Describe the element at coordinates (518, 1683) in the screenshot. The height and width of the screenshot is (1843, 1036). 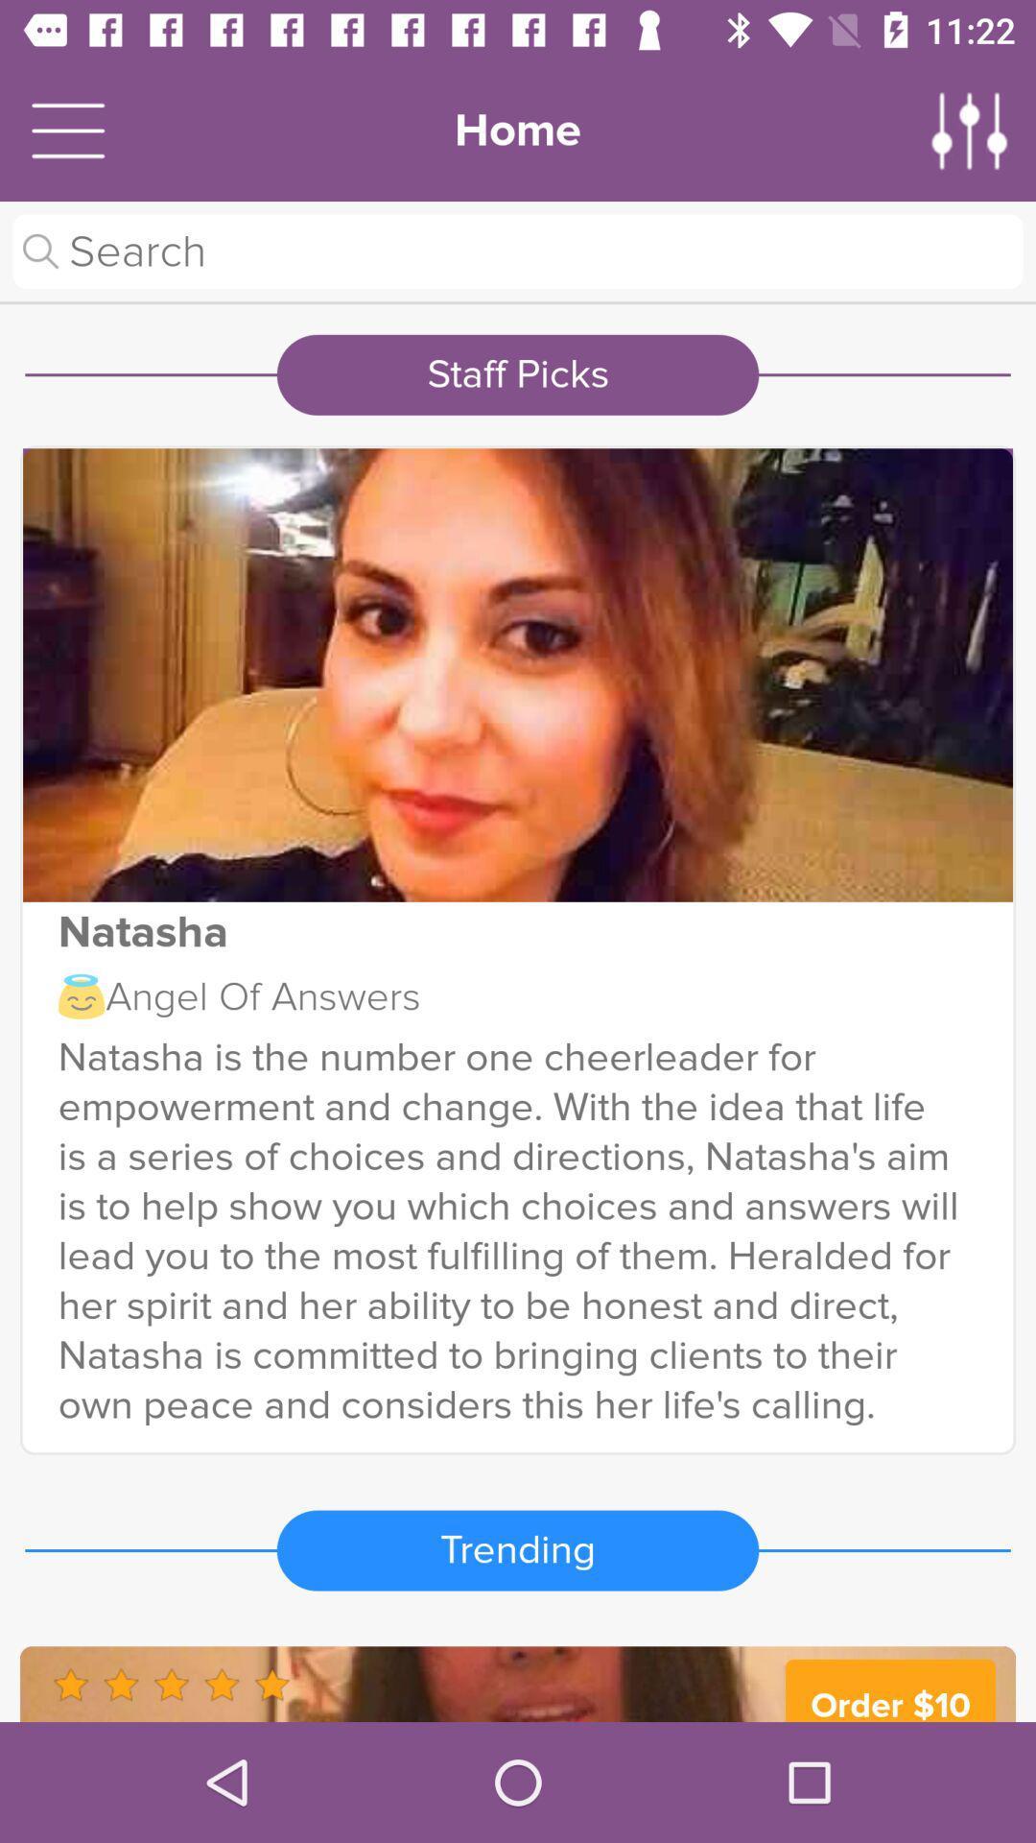
I see `advertiser` at that location.